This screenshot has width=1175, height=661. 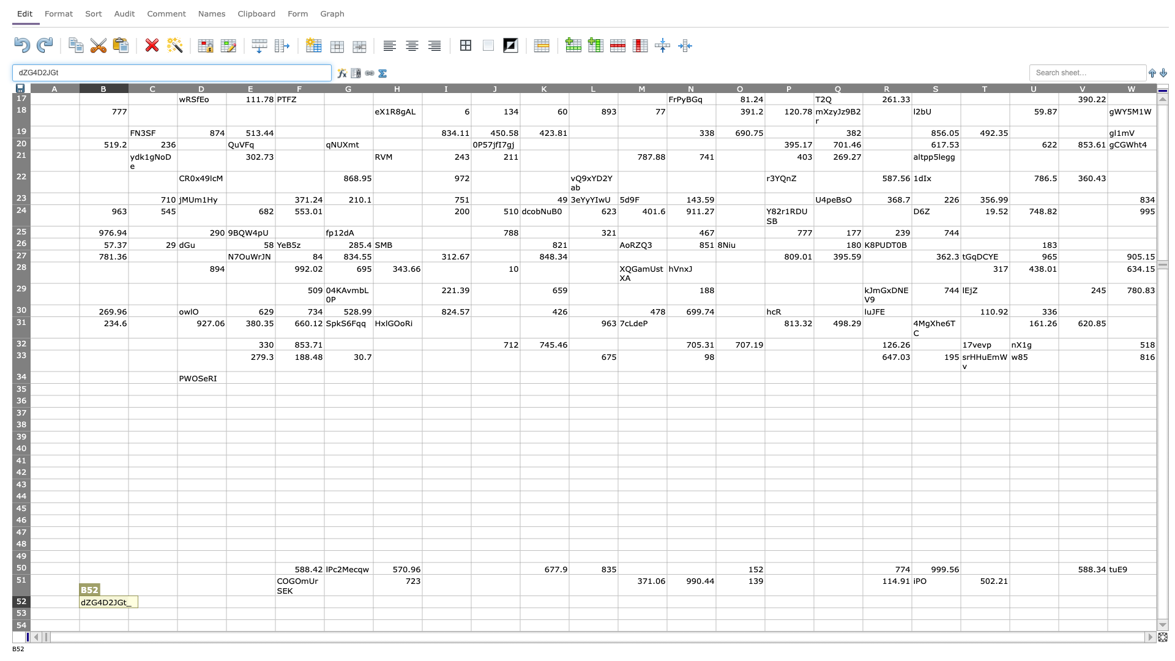 I want to click on top left corner of E52, so click(x=226, y=595).